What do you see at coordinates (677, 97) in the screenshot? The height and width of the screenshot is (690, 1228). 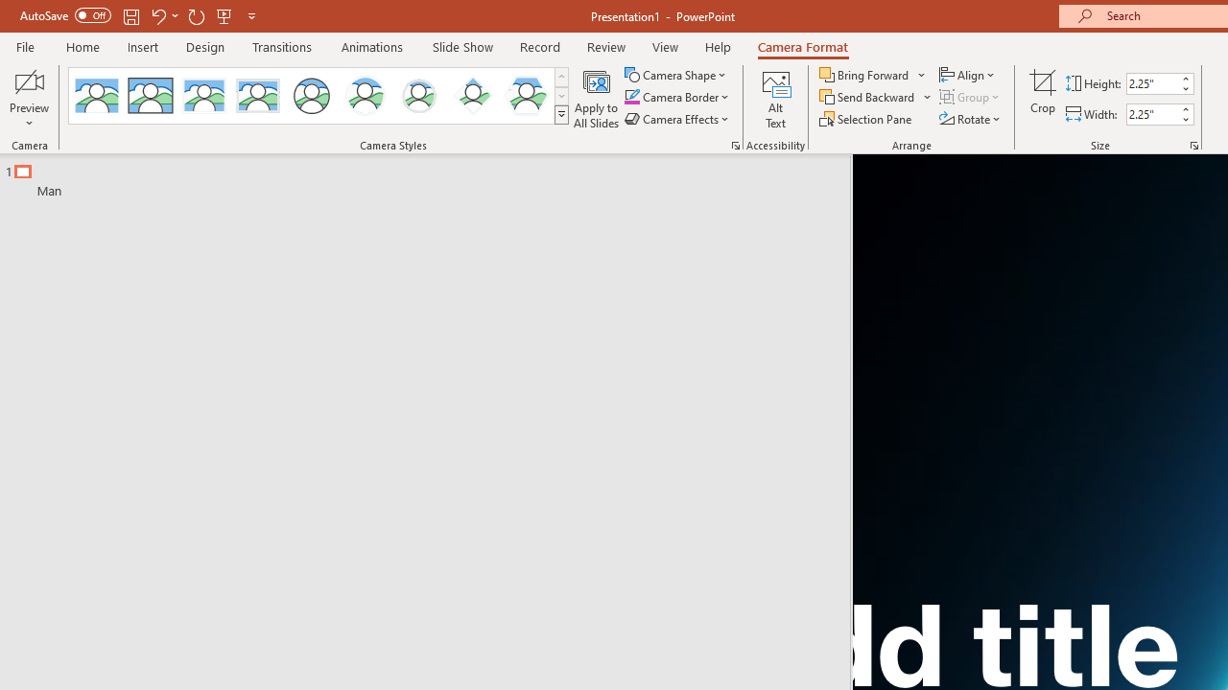 I see `'Camera Border'` at bounding box center [677, 97].